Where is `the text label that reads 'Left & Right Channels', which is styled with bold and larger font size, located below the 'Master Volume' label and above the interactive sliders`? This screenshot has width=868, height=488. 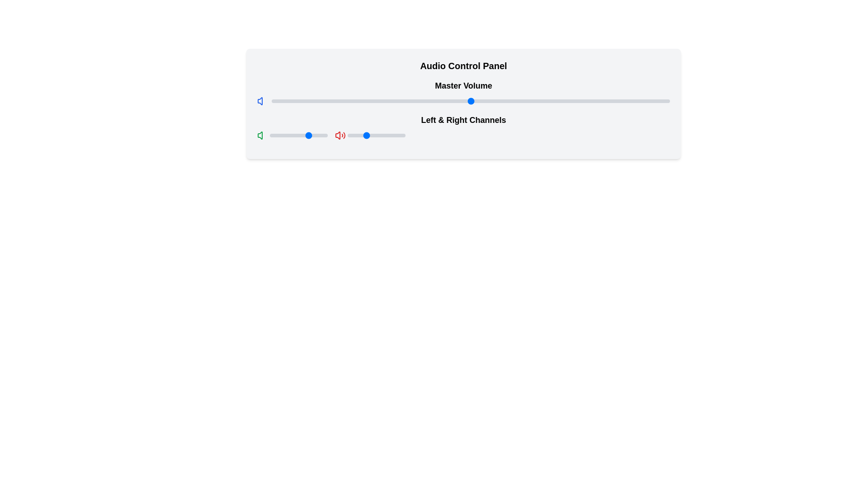 the text label that reads 'Left & Right Channels', which is styled with bold and larger font size, located below the 'Master Volume' label and above the interactive sliders is located at coordinates (463, 120).